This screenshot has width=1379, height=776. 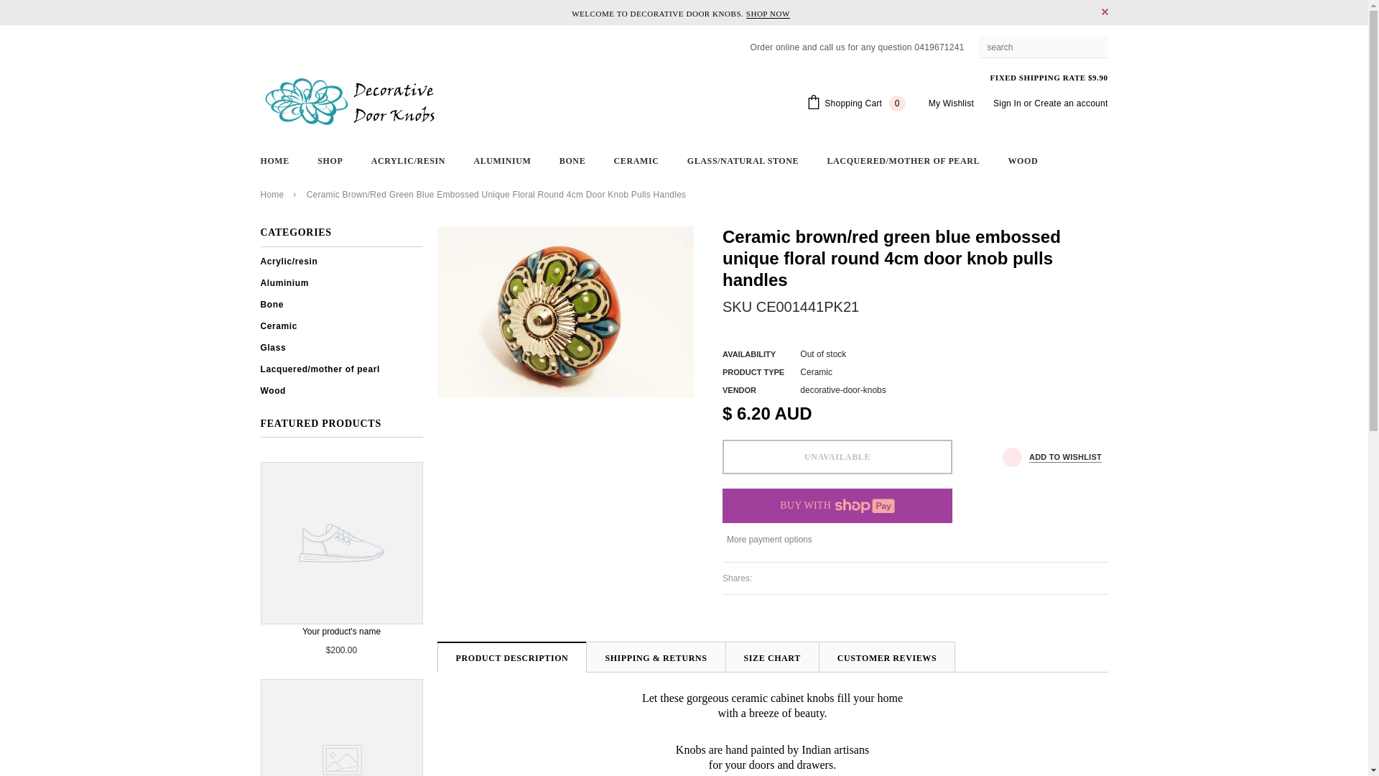 What do you see at coordinates (1002, 456) in the screenshot?
I see `'ADD TO WISHLIST'` at bounding box center [1002, 456].